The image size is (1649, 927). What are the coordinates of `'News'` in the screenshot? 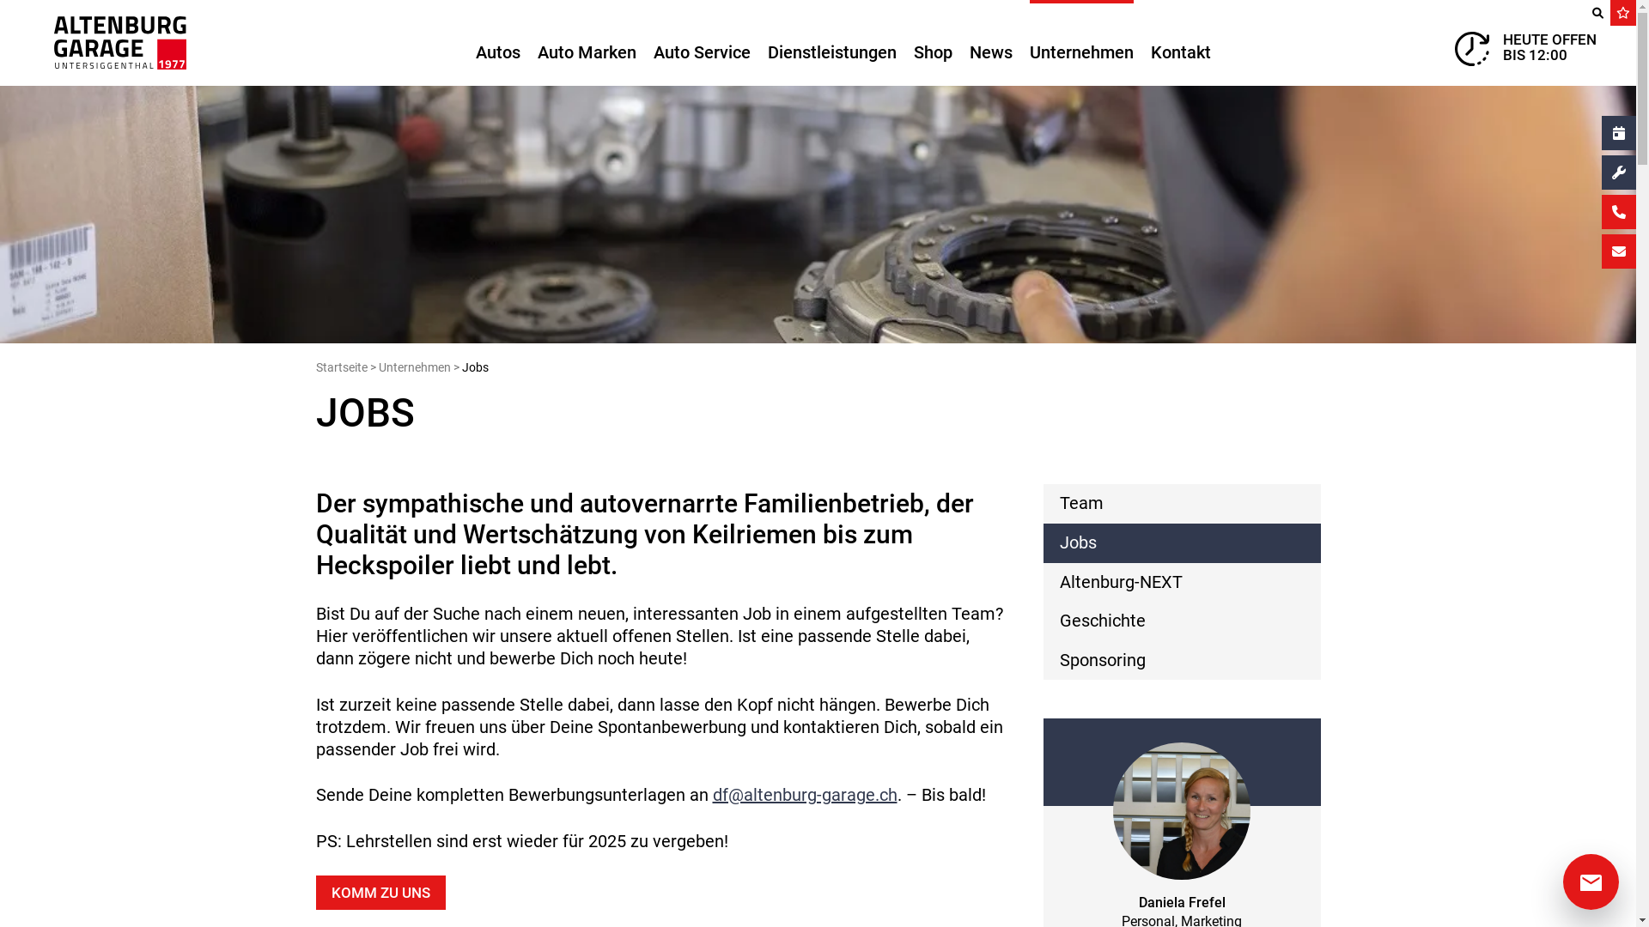 It's located at (989, 42).